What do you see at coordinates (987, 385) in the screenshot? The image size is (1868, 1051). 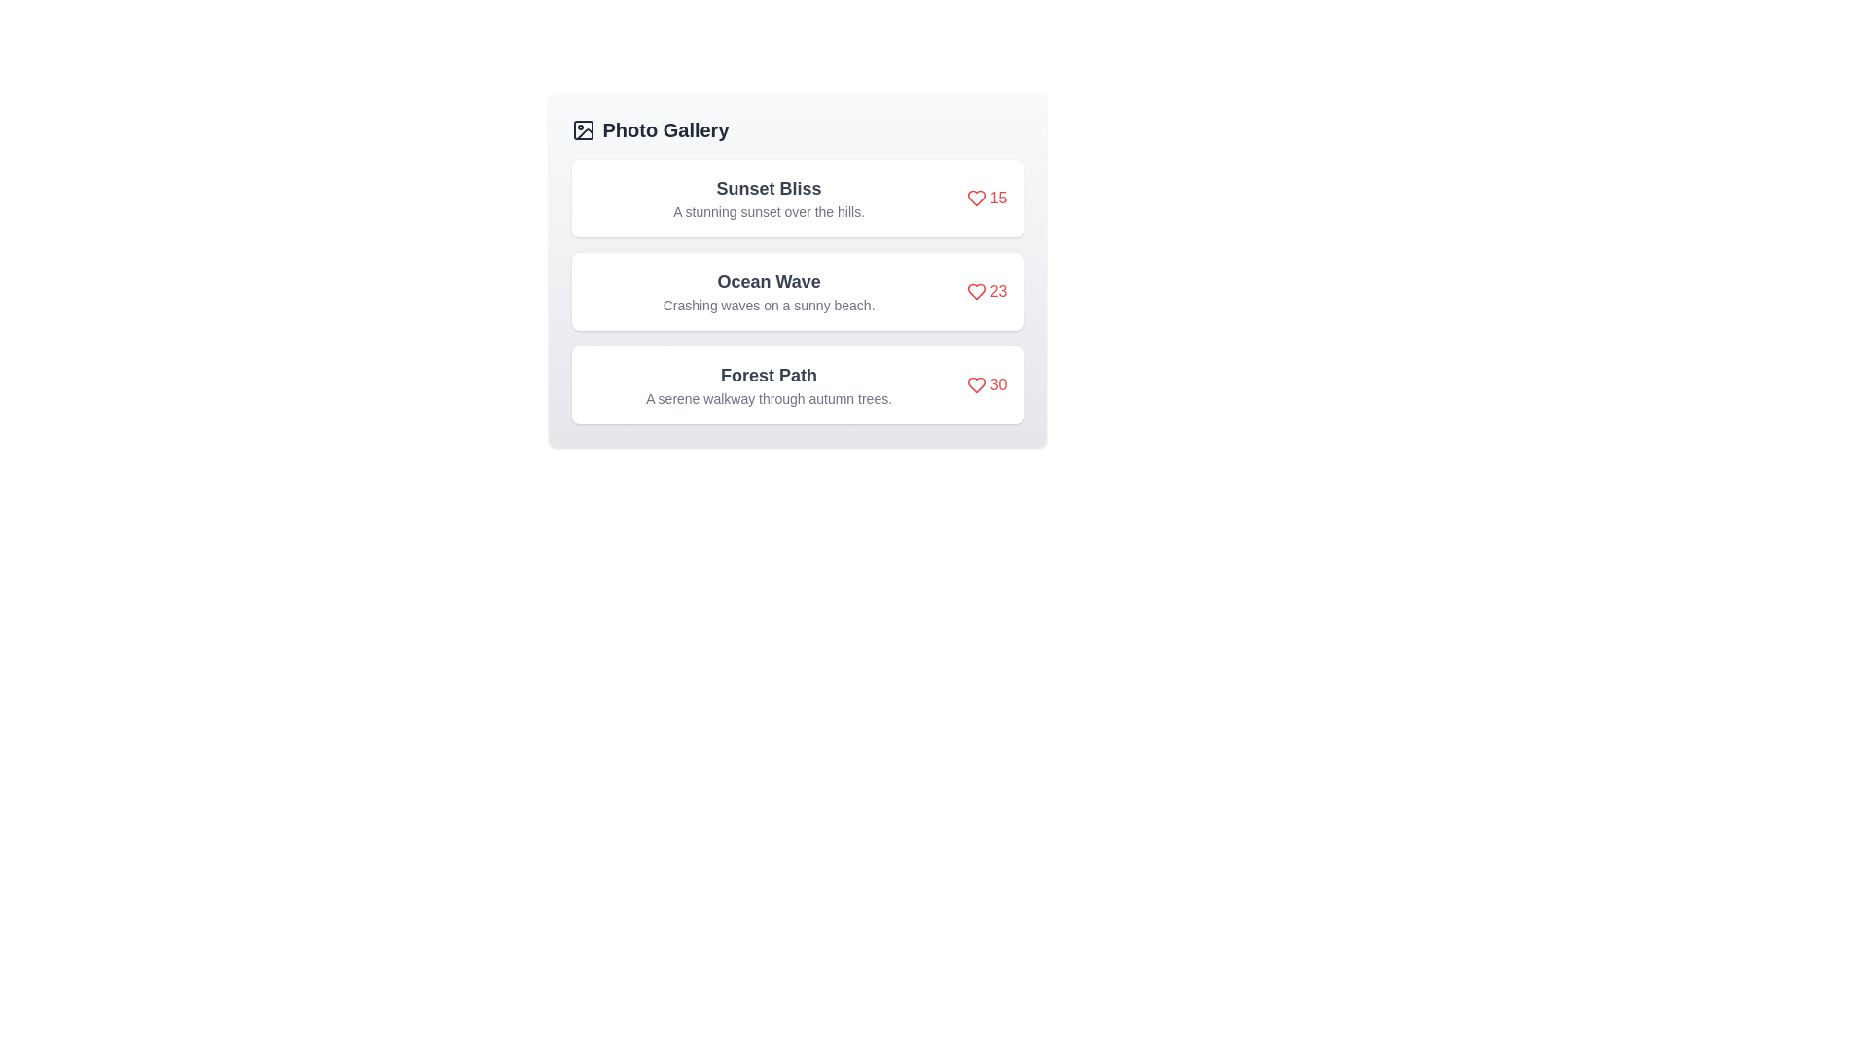 I see `the like button for Forest Path` at bounding box center [987, 385].